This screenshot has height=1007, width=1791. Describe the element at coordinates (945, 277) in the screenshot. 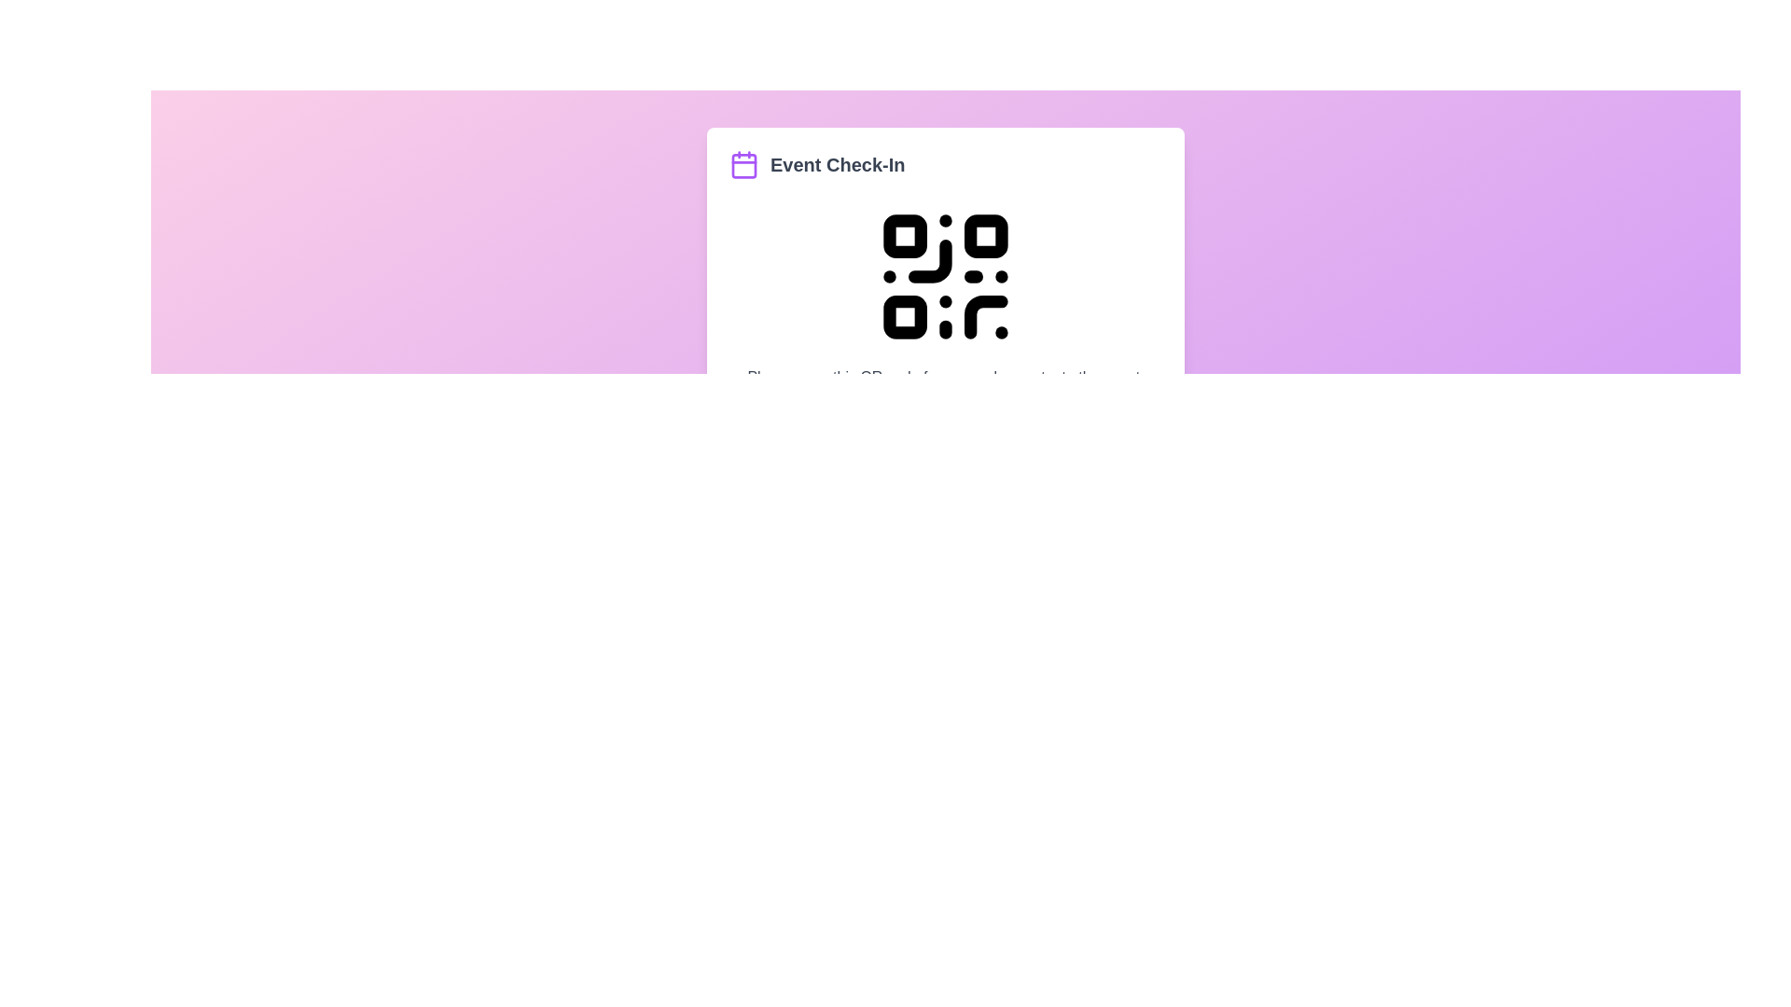

I see `QR code icon, which is centrally located below the 'Event Check-In' text on the card` at that location.